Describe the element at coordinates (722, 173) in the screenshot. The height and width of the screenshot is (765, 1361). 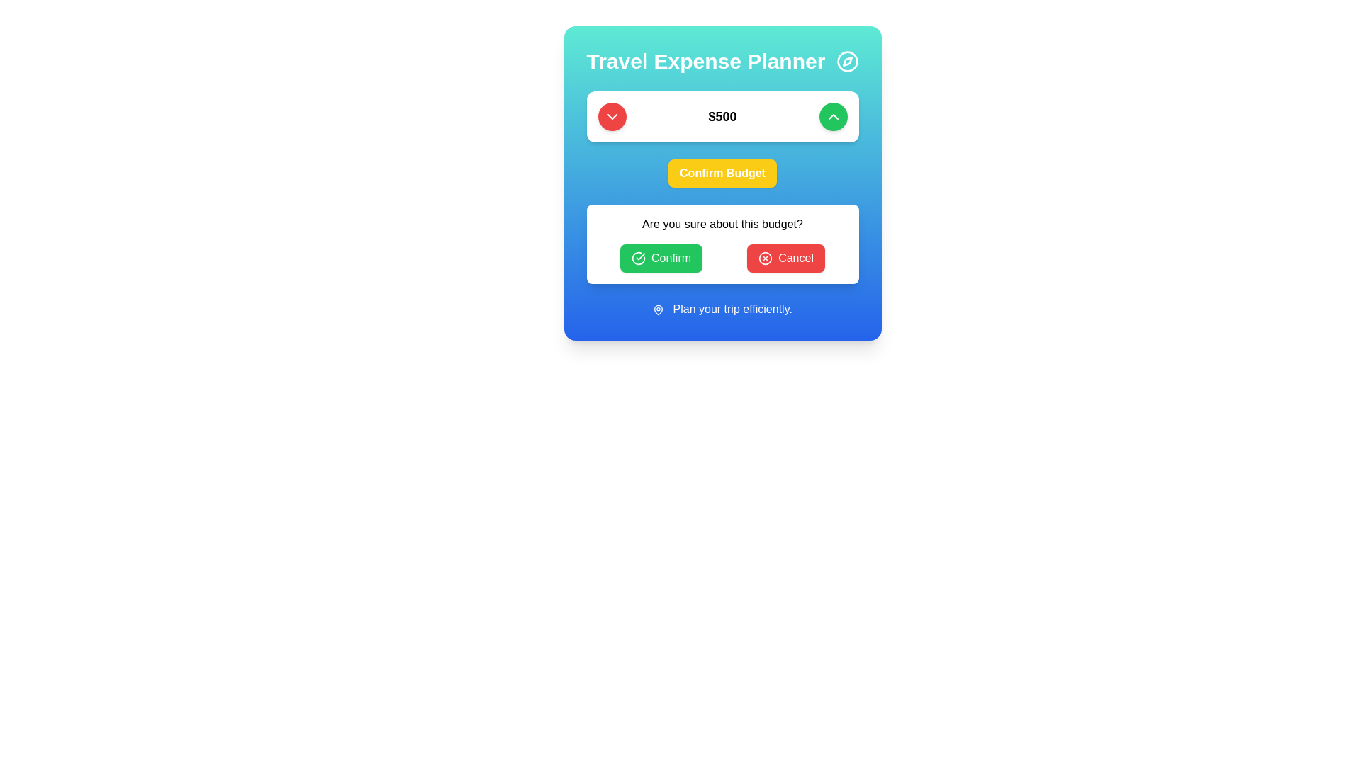
I see `the confirmation button located directly below the budget amount display to confirm the selected budget value` at that location.